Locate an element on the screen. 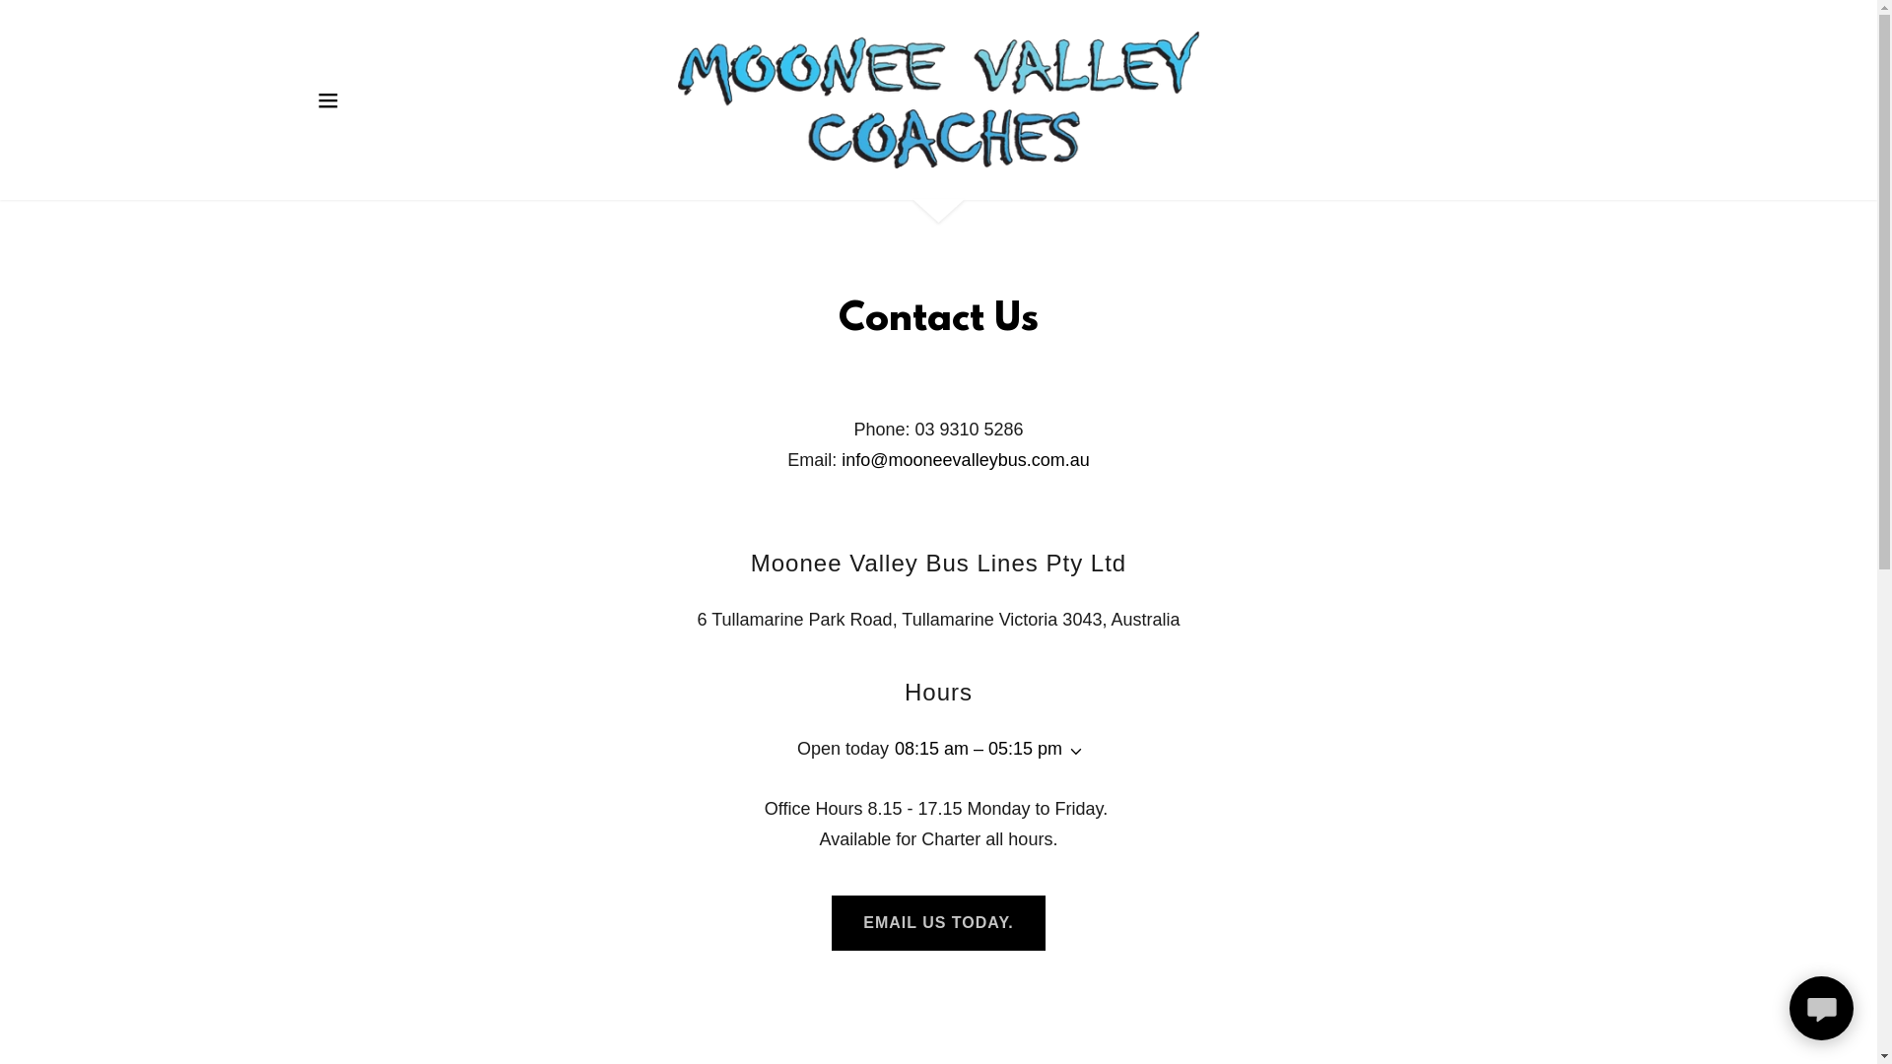 This screenshot has width=1892, height=1064. 'EMAIL US TODAY.' is located at coordinates (937, 923).